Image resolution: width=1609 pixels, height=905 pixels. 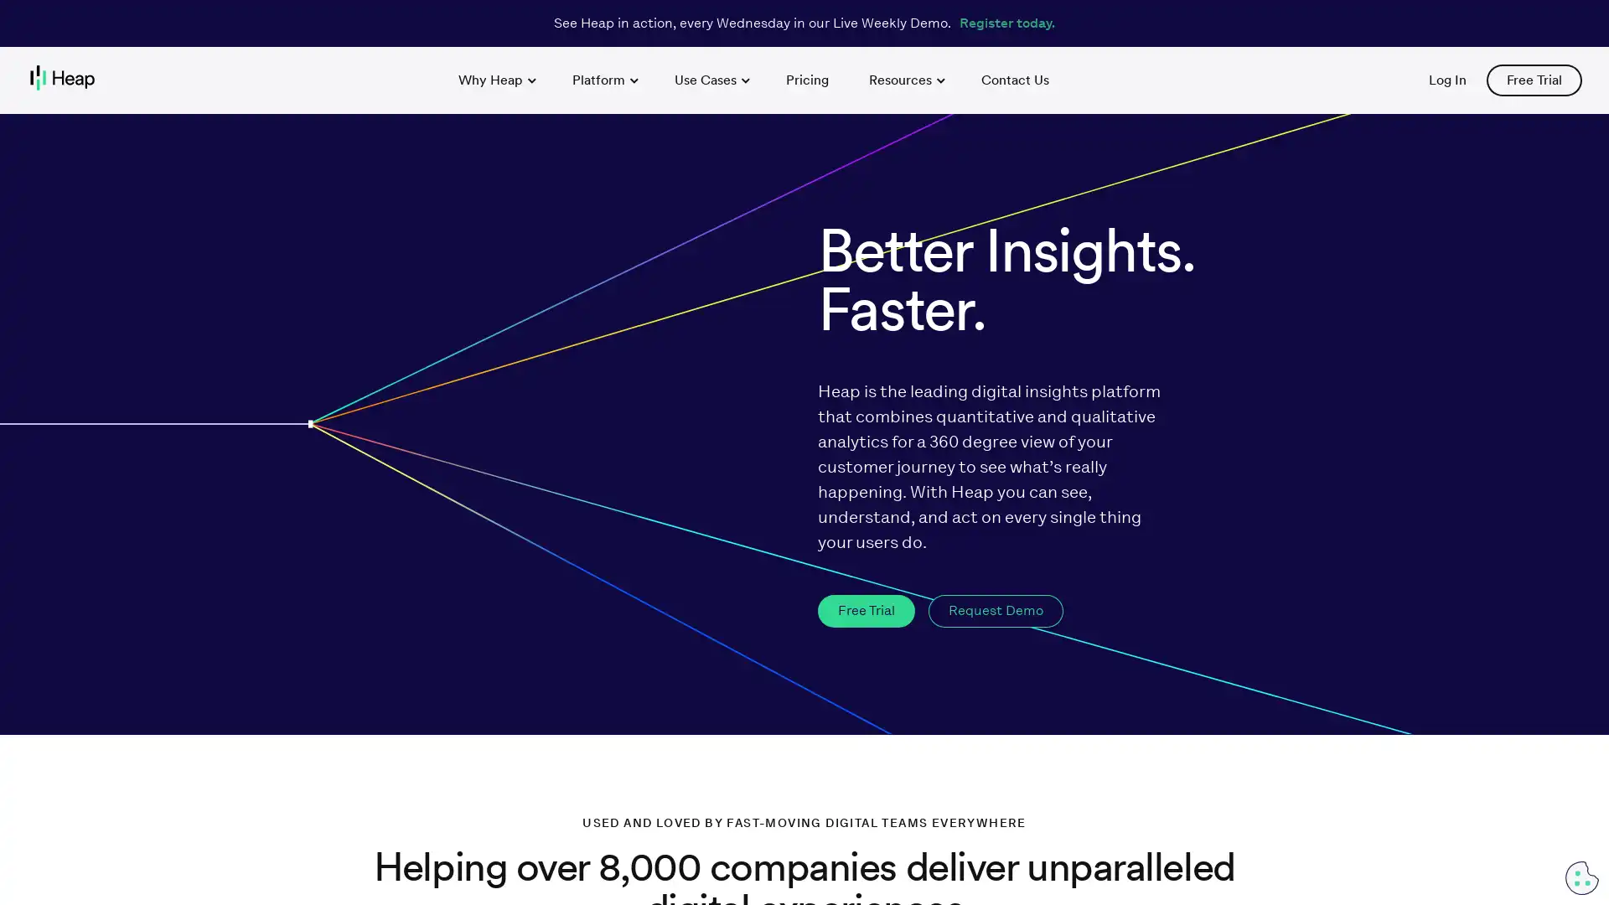 What do you see at coordinates (603, 80) in the screenshot?
I see `Platform` at bounding box center [603, 80].